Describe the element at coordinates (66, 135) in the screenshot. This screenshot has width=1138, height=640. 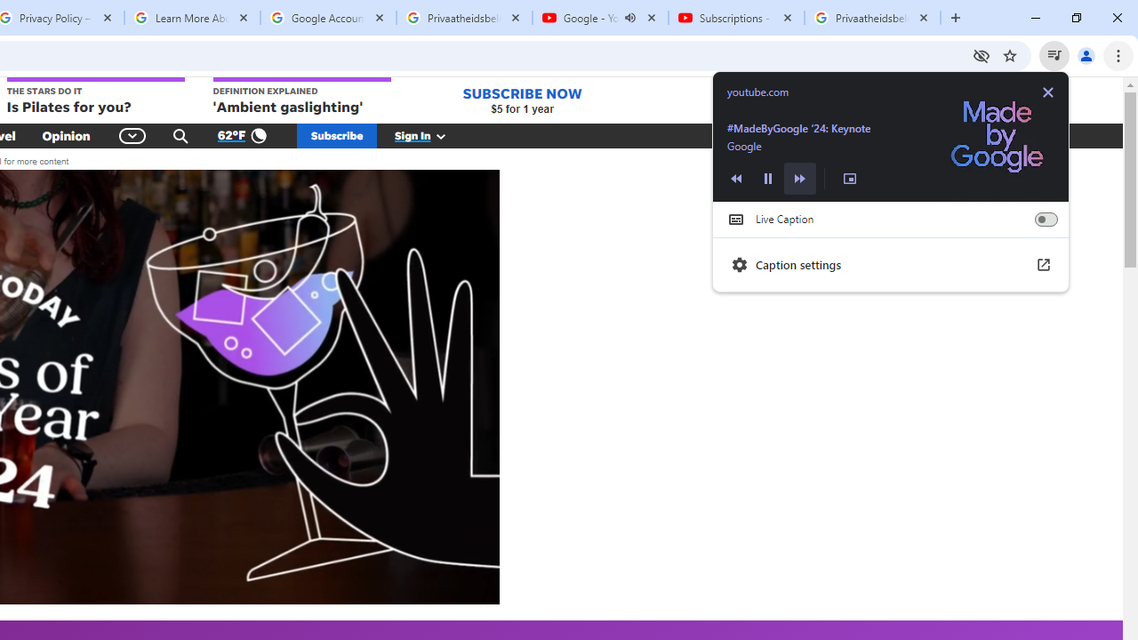
I see `'Opinion'` at that location.